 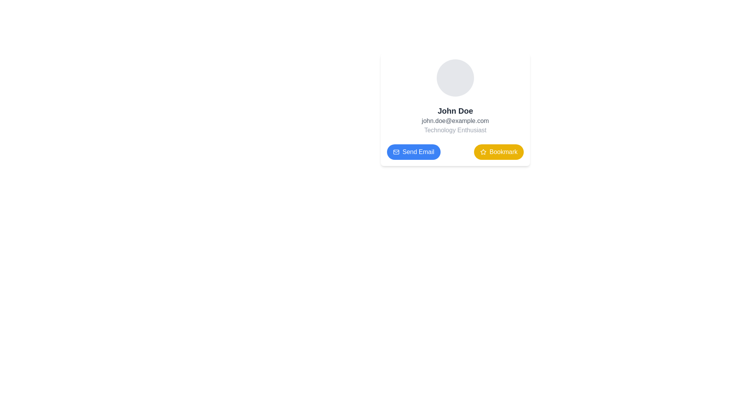 I want to click on the yellow star icon with rounded edges located to the left of the 'Bookmark' button, so click(x=483, y=152).